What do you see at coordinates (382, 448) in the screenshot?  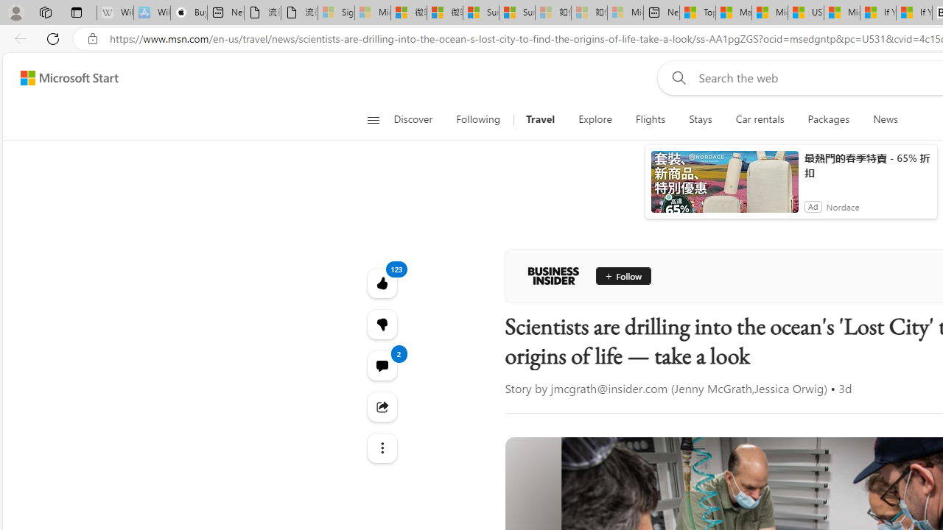 I see `'Class: at-item'` at bounding box center [382, 448].